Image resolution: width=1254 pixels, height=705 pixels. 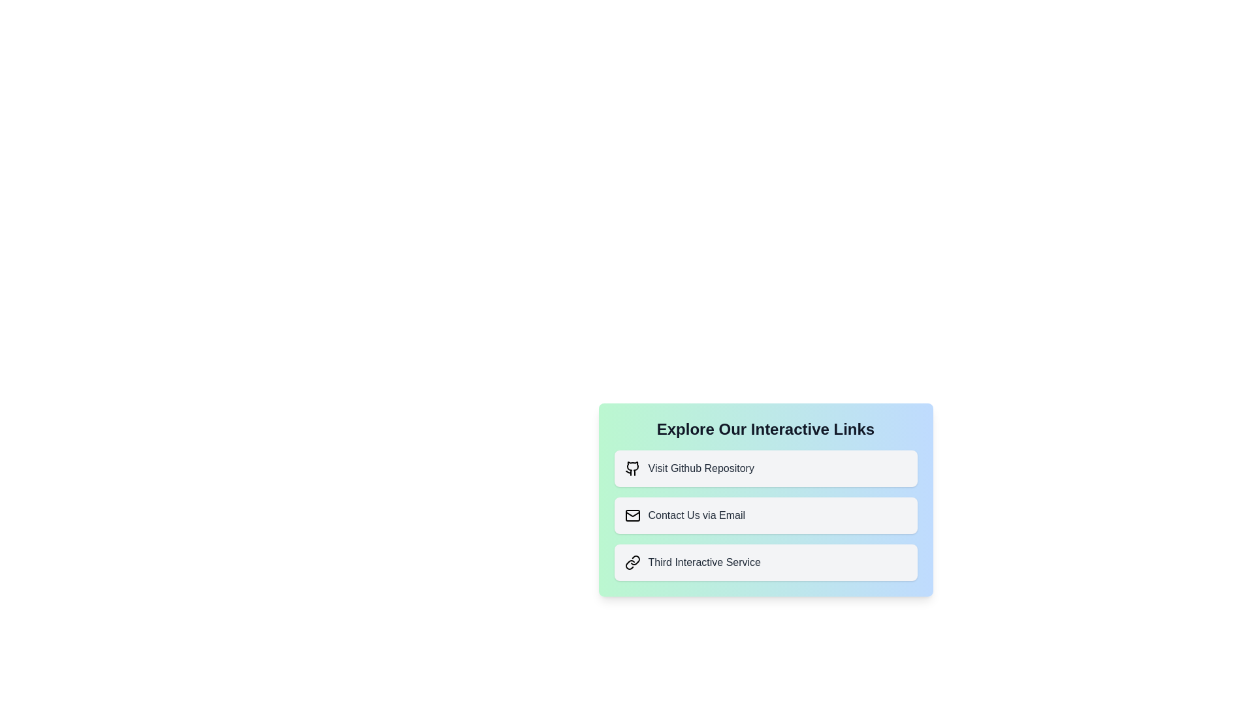 I want to click on the third hyperlink in the vertically-aligned list located in the bottom-right corner of the interface, so click(x=765, y=561).